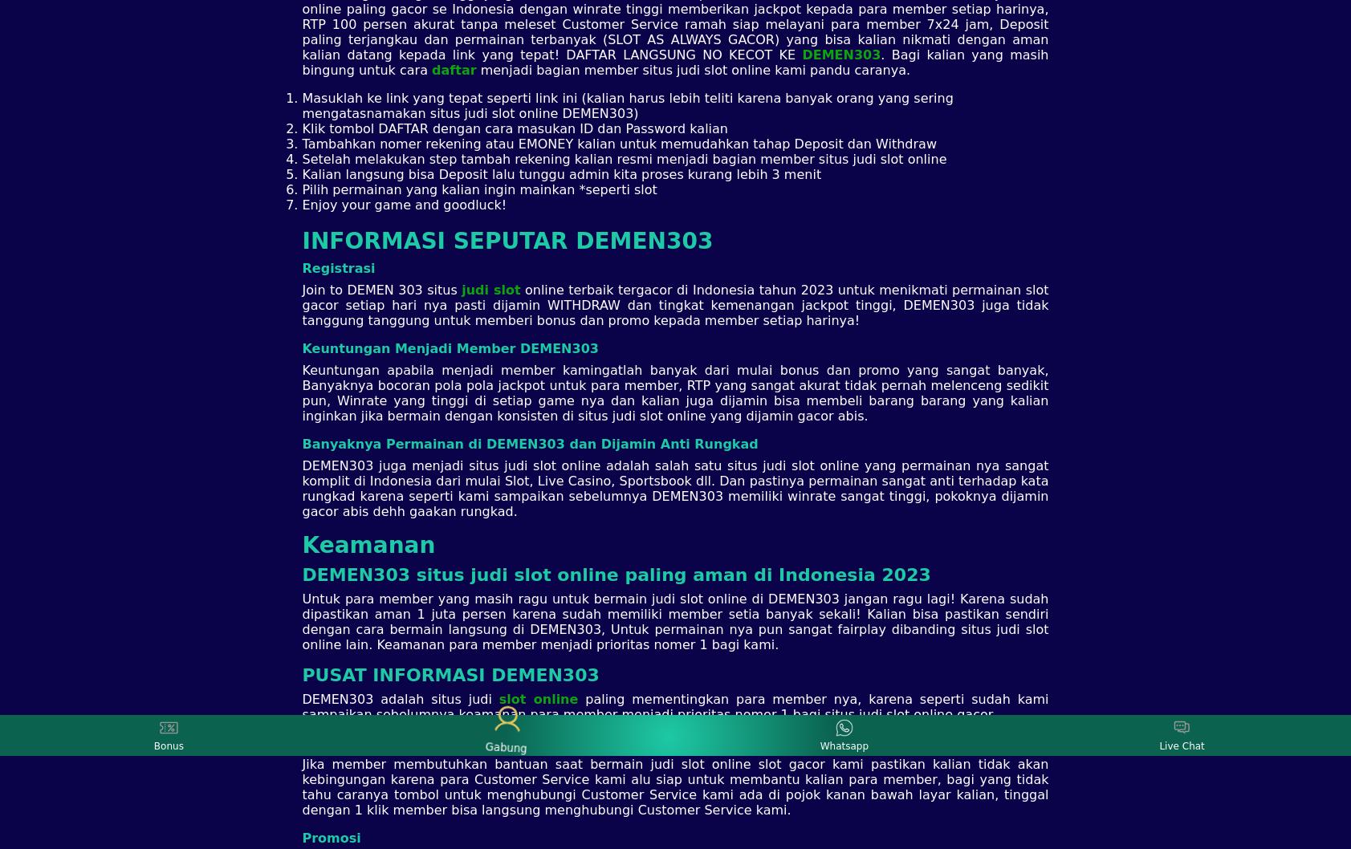  What do you see at coordinates (368, 543) in the screenshot?
I see `'Keamanan'` at bounding box center [368, 543].